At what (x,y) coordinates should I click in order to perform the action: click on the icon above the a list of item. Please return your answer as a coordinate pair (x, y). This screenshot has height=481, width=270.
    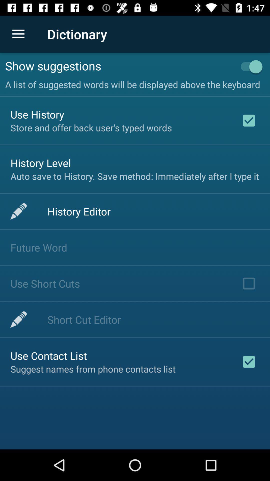
    Looking at the image, I should click on (249, 66).